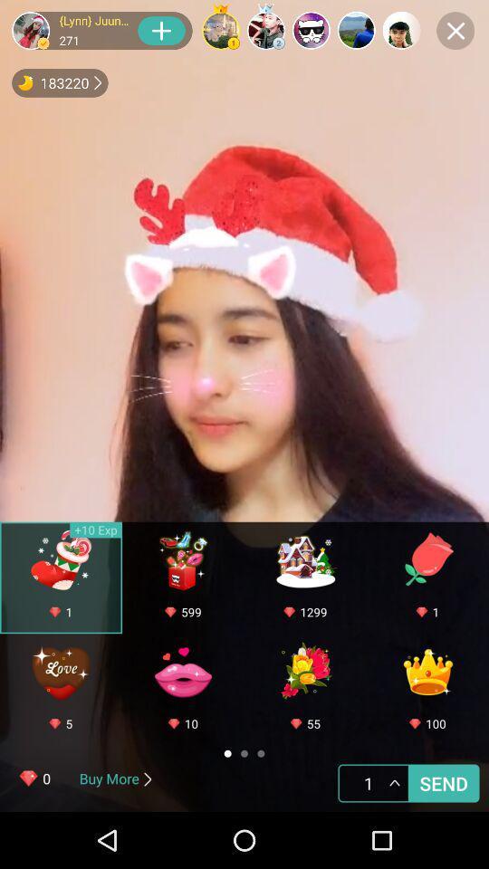 This screenshot has width=489, height=869. Describe the element at coordinates (455, 30) in the screenshot. I see `the close icon` at that location.